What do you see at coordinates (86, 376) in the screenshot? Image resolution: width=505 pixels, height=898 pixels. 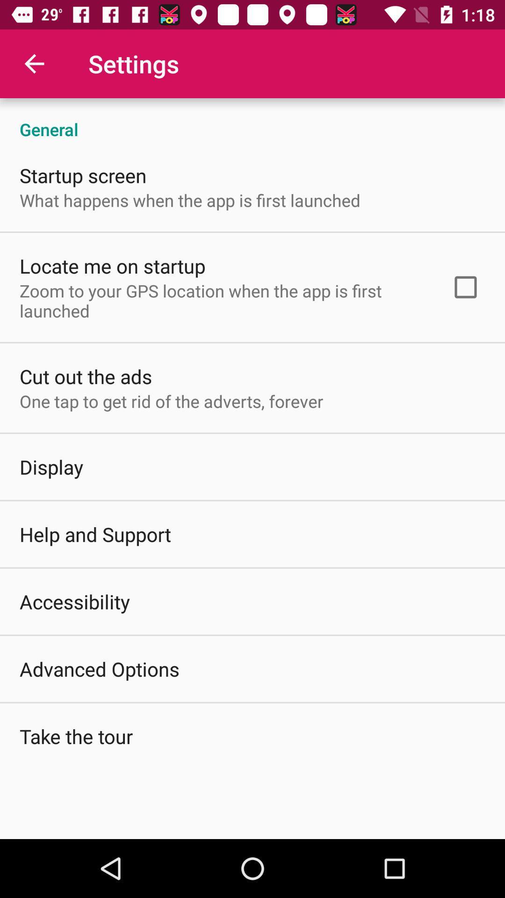 I see `icon below zoom to your icon` at bounding box center [86, 376].